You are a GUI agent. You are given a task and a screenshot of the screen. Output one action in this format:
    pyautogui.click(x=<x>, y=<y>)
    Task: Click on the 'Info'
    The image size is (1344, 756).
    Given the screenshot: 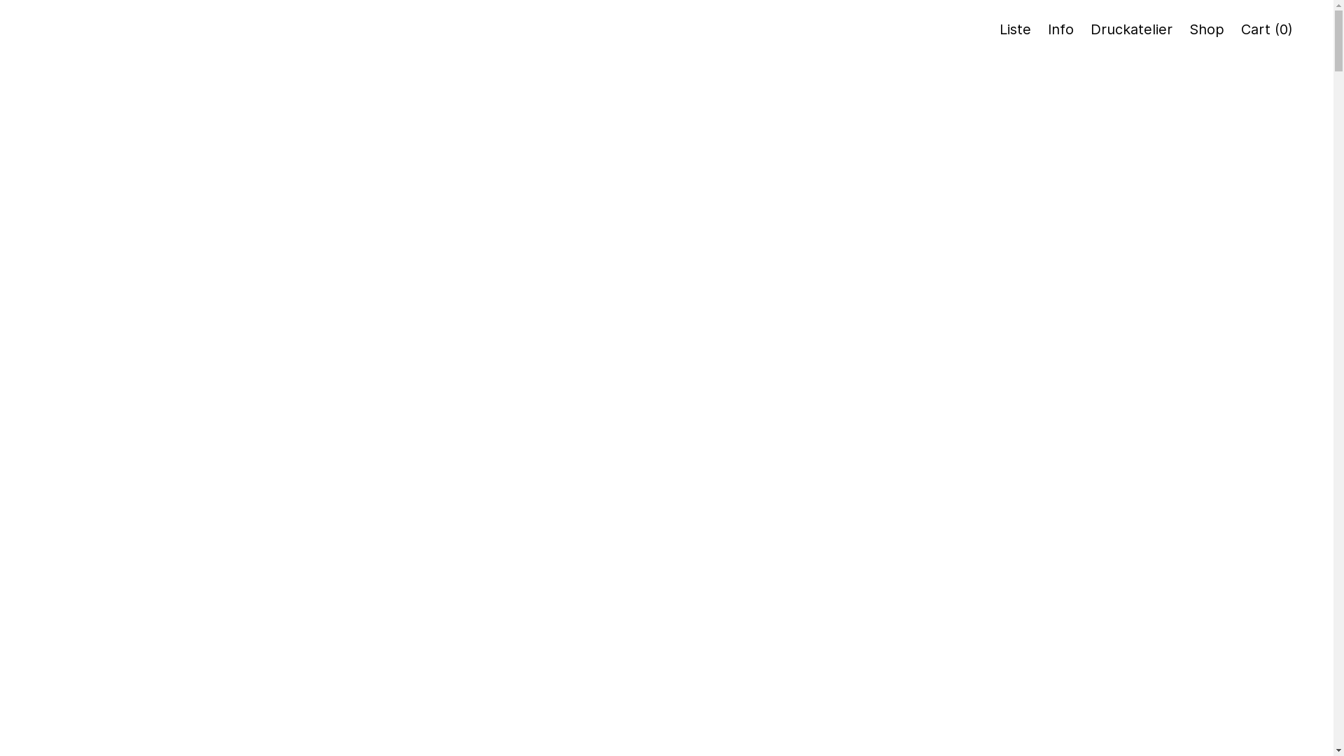 What is the action you would take?
    pyautogui.click(x=1060, y=29)
    